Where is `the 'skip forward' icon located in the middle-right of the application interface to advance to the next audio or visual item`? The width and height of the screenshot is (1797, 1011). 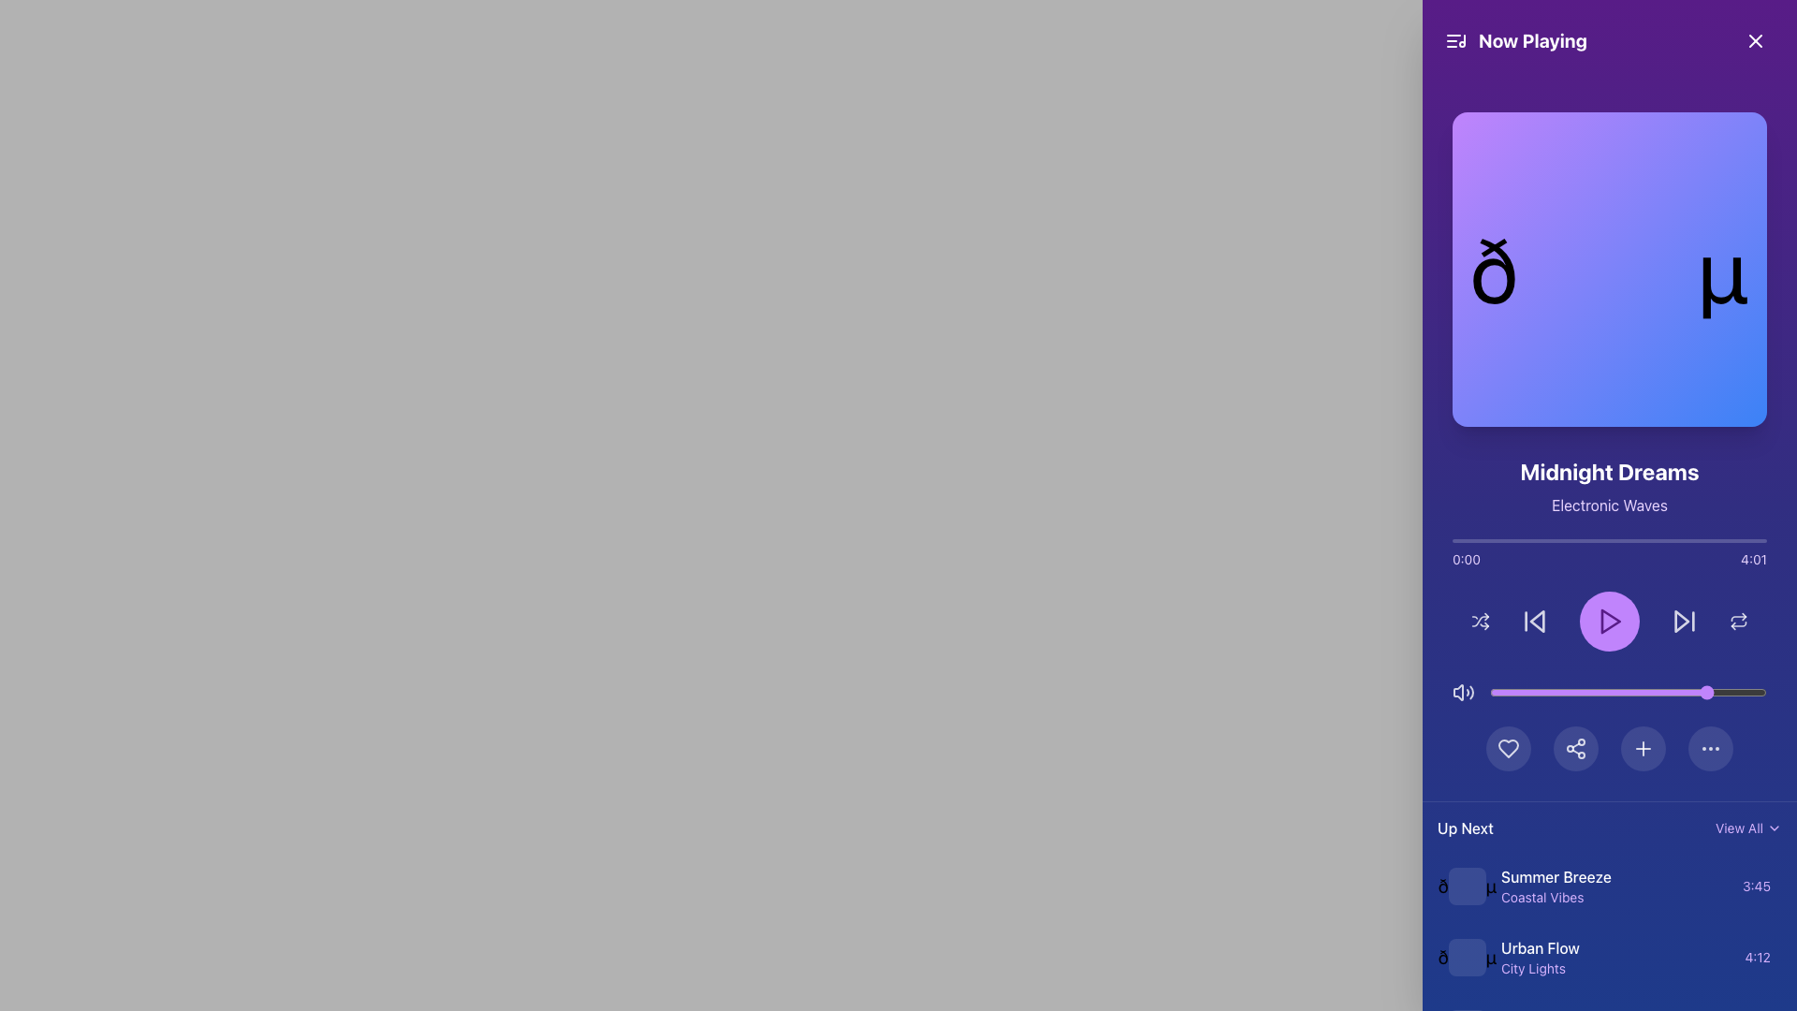
the 'skip forward' icon located in the middle-right of the application interface to advance to the next audio or visual item is located at coordinates (1681, 621).